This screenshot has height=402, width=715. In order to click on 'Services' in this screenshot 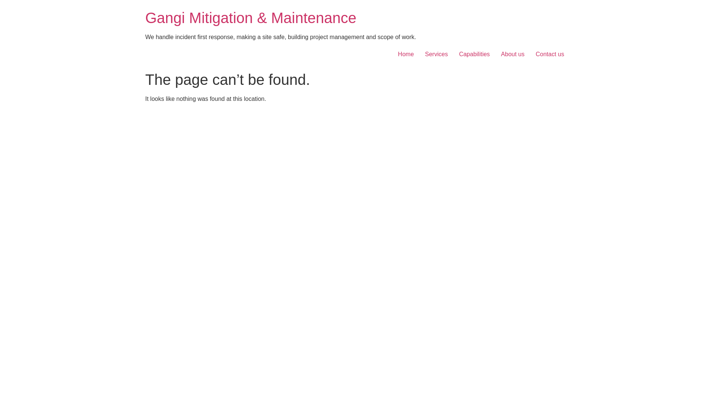, I will do `click(436, 54)`.